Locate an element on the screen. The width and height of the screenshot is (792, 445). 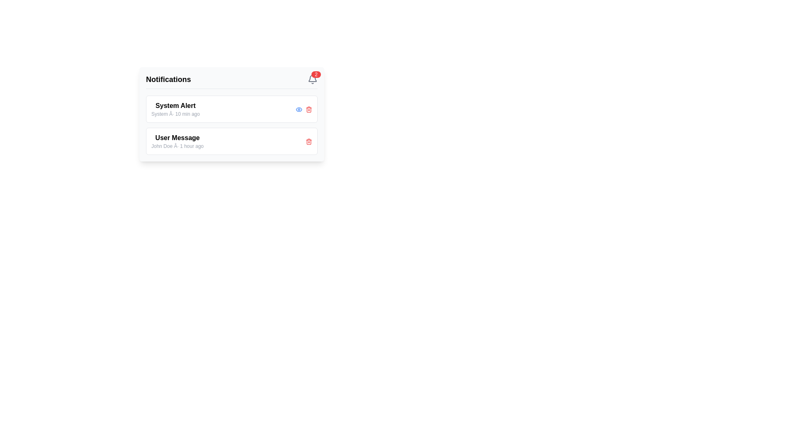
the text label indicating metadata about the notification, which shows the source 'System' and time '10 min ago', located directly below the 'System Alert' heading in the first notification card is located at coordinates (175, 114).